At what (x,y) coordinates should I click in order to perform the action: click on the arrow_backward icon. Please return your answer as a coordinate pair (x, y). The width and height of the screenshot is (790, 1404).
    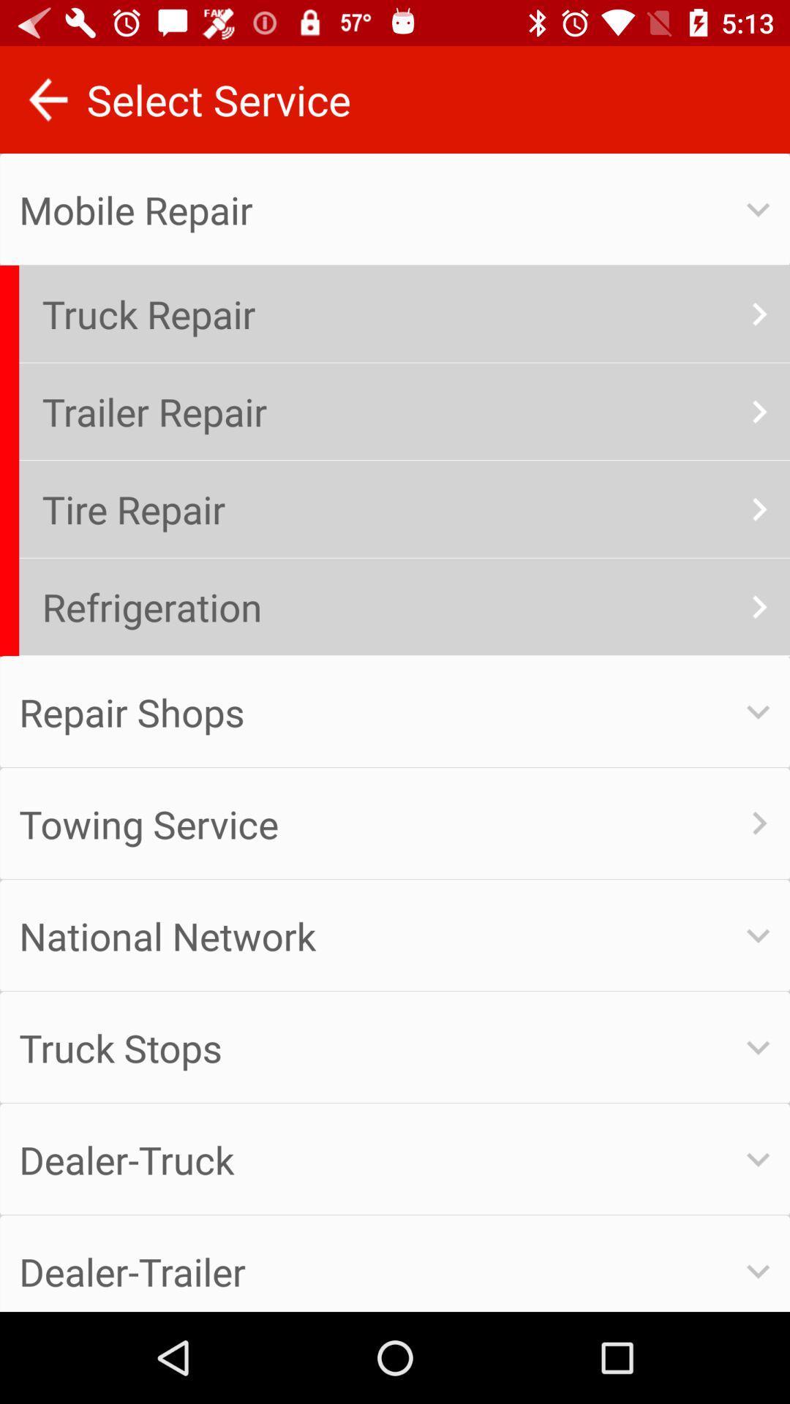
    Looking at the image, I should click on (47, 99).